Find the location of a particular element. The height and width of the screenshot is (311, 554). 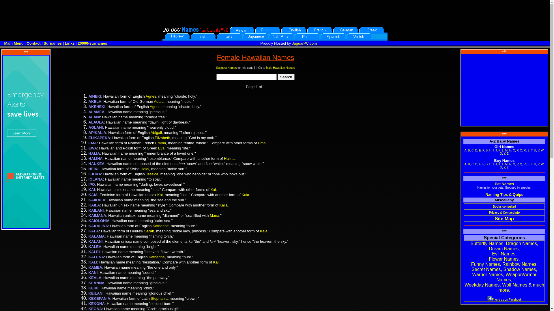

'T' is located at coordinates (531, 164).